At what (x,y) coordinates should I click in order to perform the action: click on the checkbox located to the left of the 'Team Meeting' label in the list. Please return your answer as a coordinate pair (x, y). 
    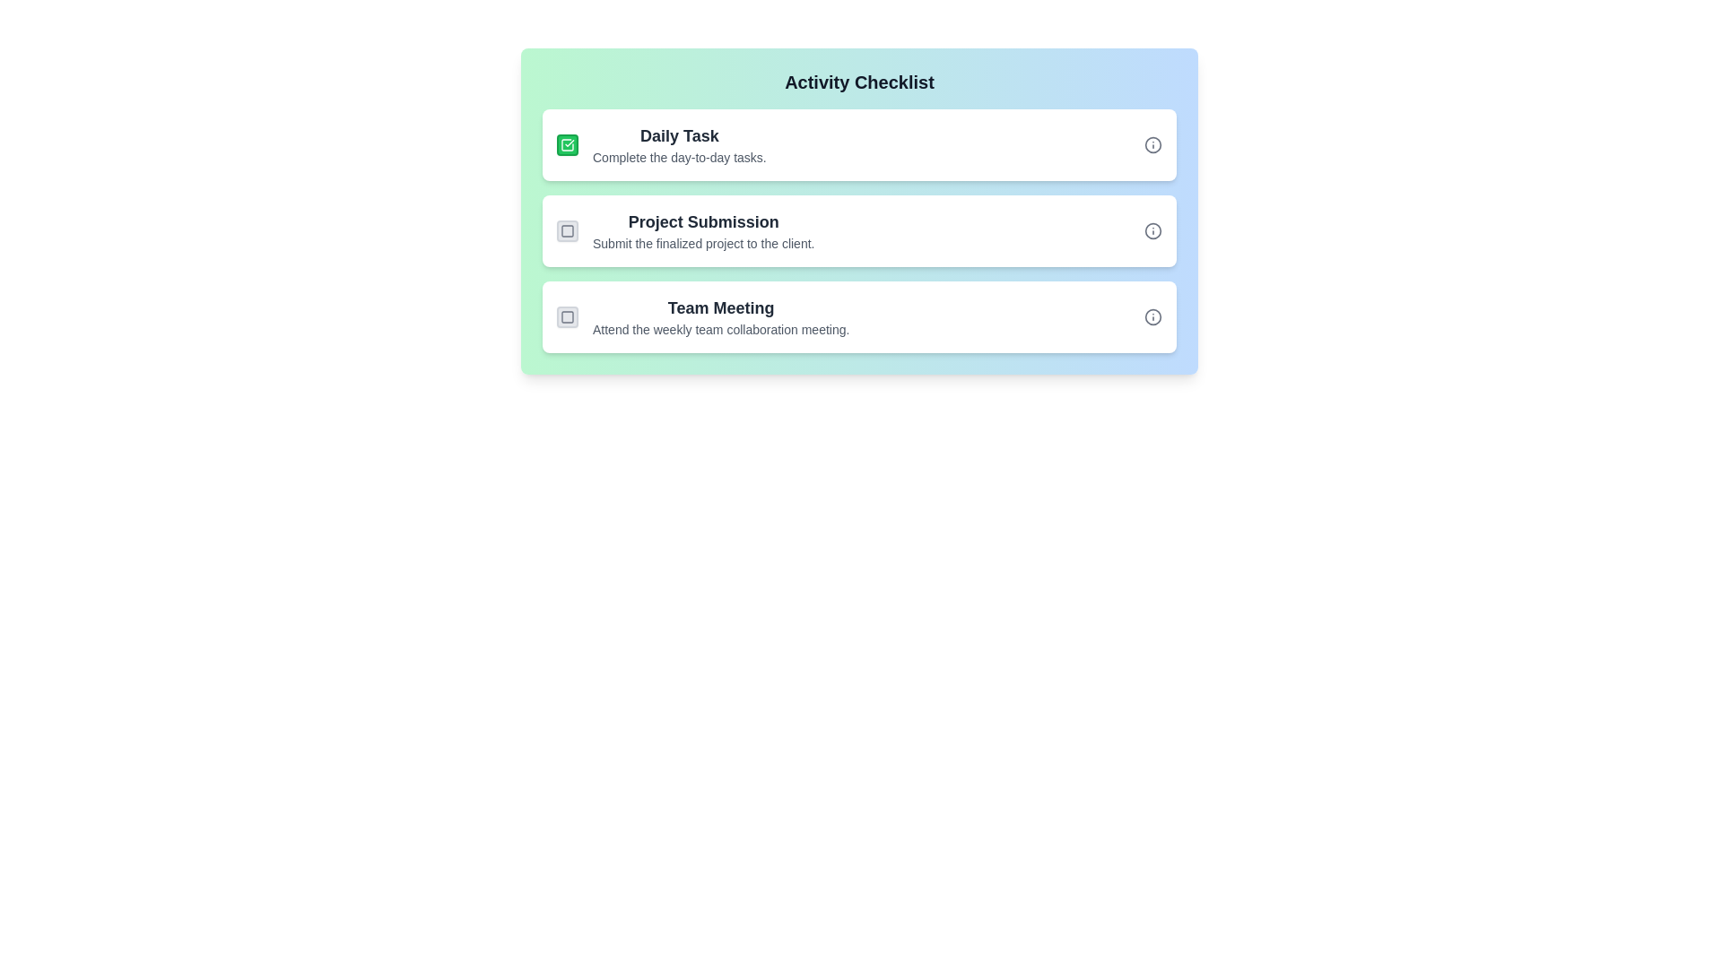
    Looking at the image, I should click on (567, 316).